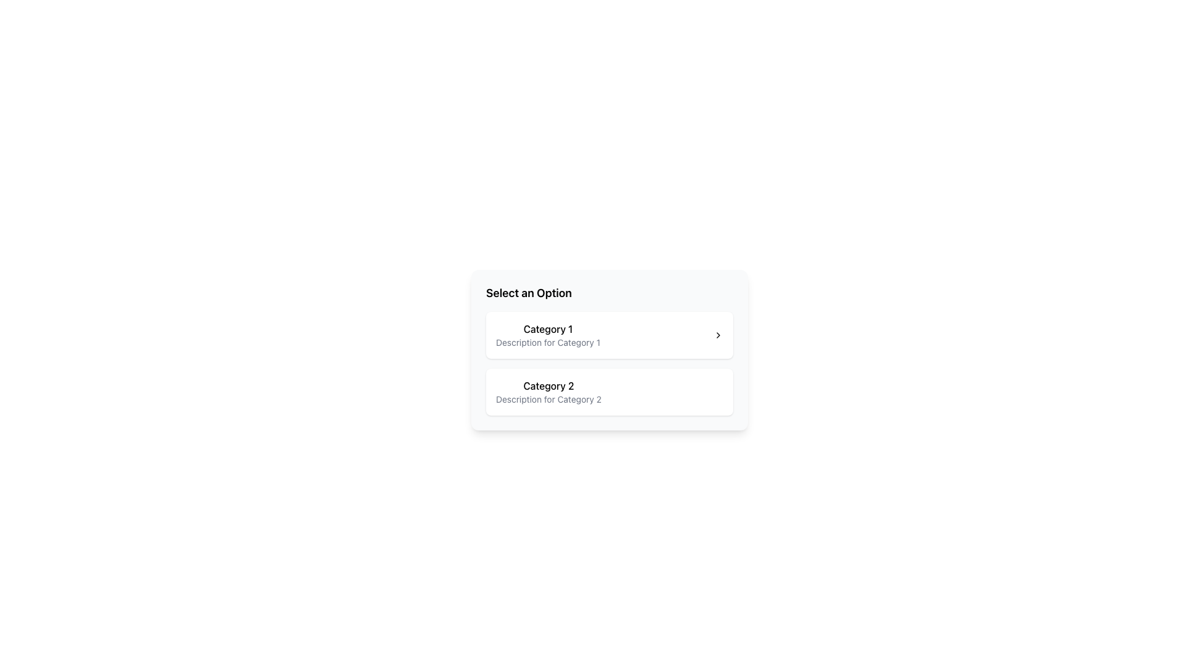 This screenshot has height=667, width=1186. What do you see at coordinates (547, 343) in the screenshot?
I see `text snippet styled in smaller gray font that says 'Description for Category 1', located directly under the bold header 'Category 1' in the first selection card` at bounding box center [547, 343].